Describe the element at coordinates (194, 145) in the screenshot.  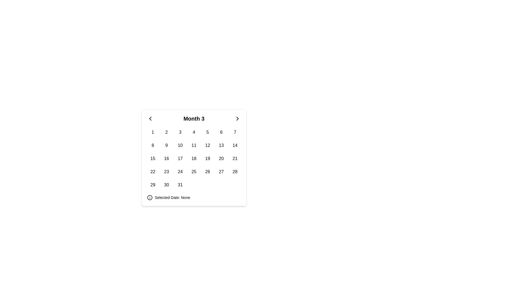
I see `the button representing the 11th day of the current month in the calendar interface` at that location.